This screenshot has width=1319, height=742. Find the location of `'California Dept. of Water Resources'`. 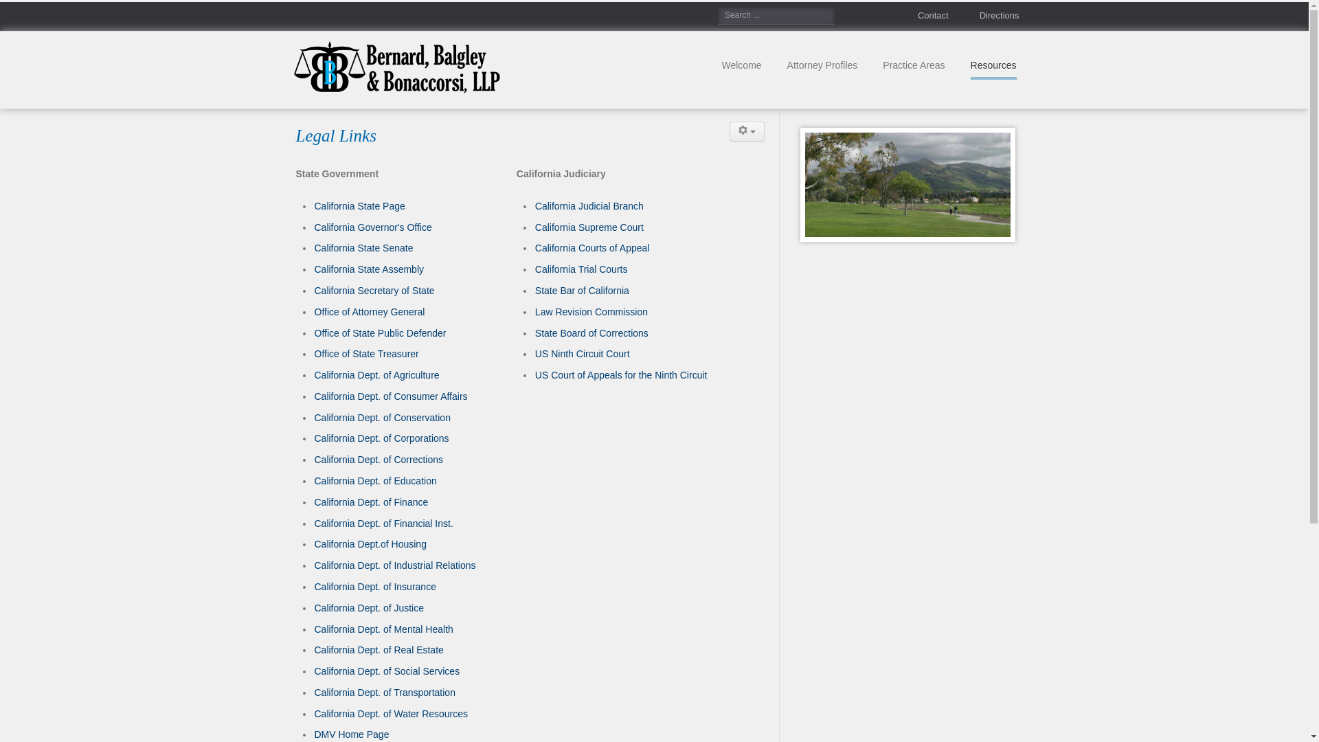

'California Dept. of Water Resources' is located at coordinates (391, 712).